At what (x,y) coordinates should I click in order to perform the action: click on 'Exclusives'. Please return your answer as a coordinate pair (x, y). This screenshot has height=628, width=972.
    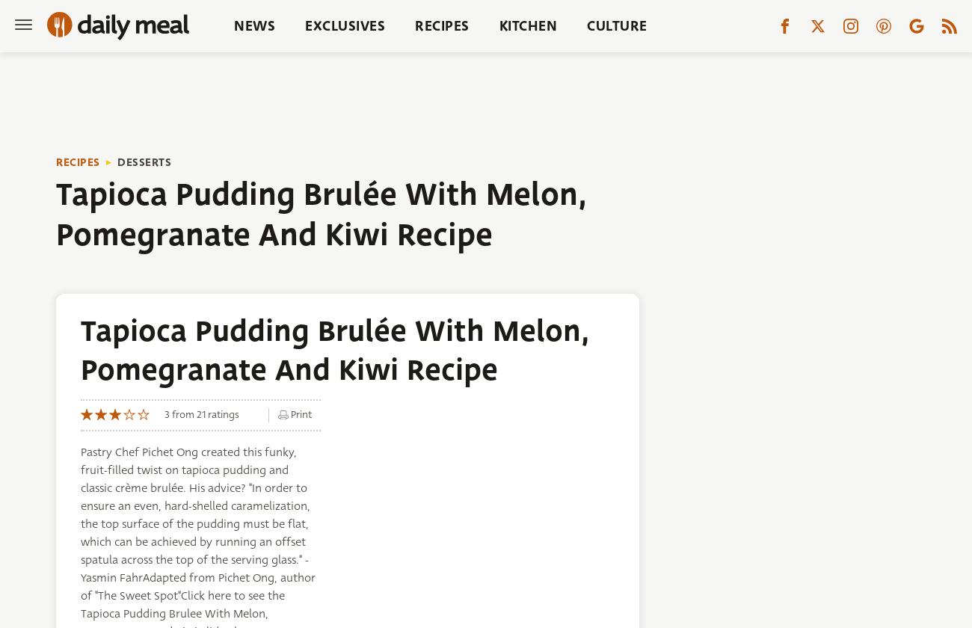
    Looking at the image, I should click on (304, 25).